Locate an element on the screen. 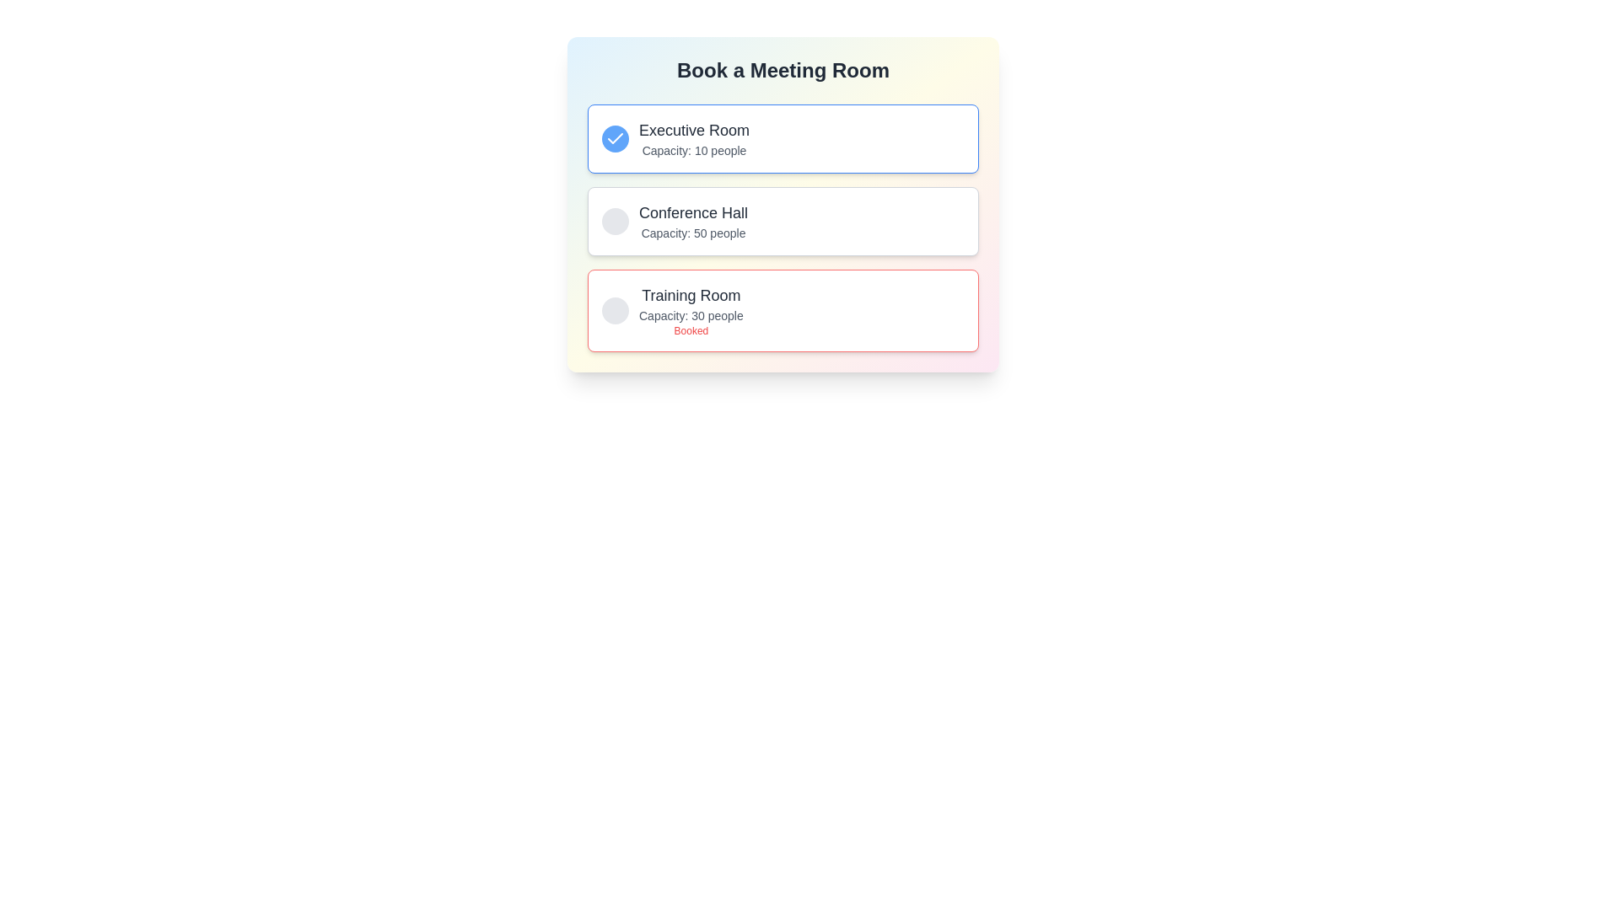 This screenshot has width=1619, height=910. the 'Conference Hall' label, which is a large dark gray text label located directly below the 'Executive Room' section in the meeting room selection interface is located at coordinates (693, 212).